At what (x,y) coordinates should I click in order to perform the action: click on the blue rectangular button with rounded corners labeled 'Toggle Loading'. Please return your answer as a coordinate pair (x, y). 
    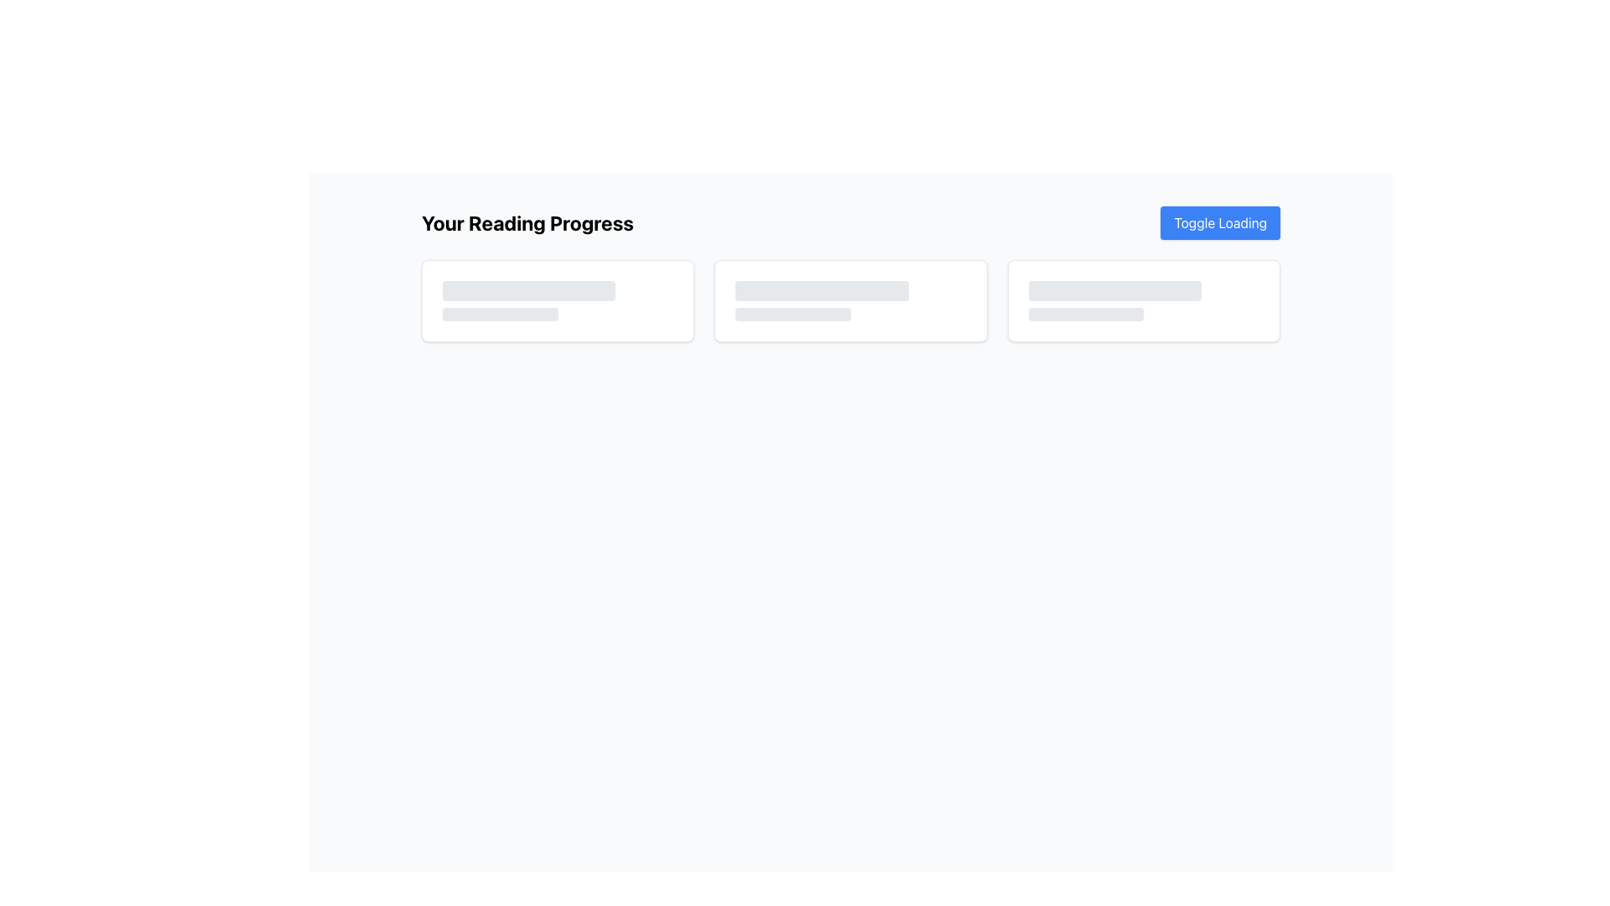
    Looking at the image, I should click on (1220, 222).